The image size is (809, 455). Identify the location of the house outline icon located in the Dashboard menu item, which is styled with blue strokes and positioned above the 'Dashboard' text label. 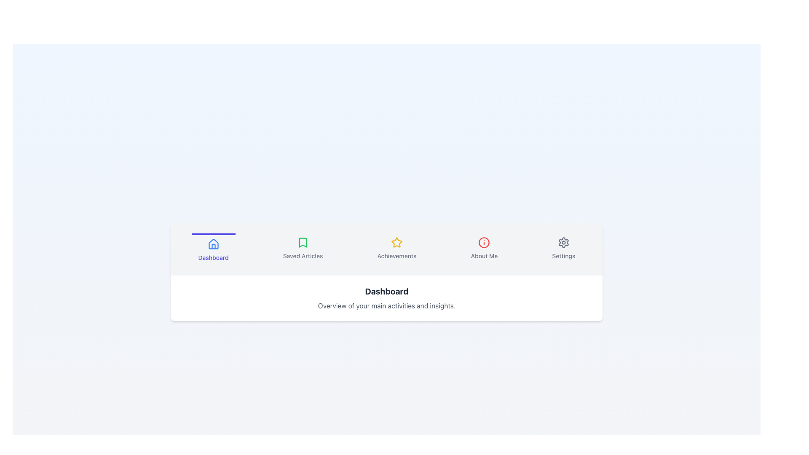
(213, 244).